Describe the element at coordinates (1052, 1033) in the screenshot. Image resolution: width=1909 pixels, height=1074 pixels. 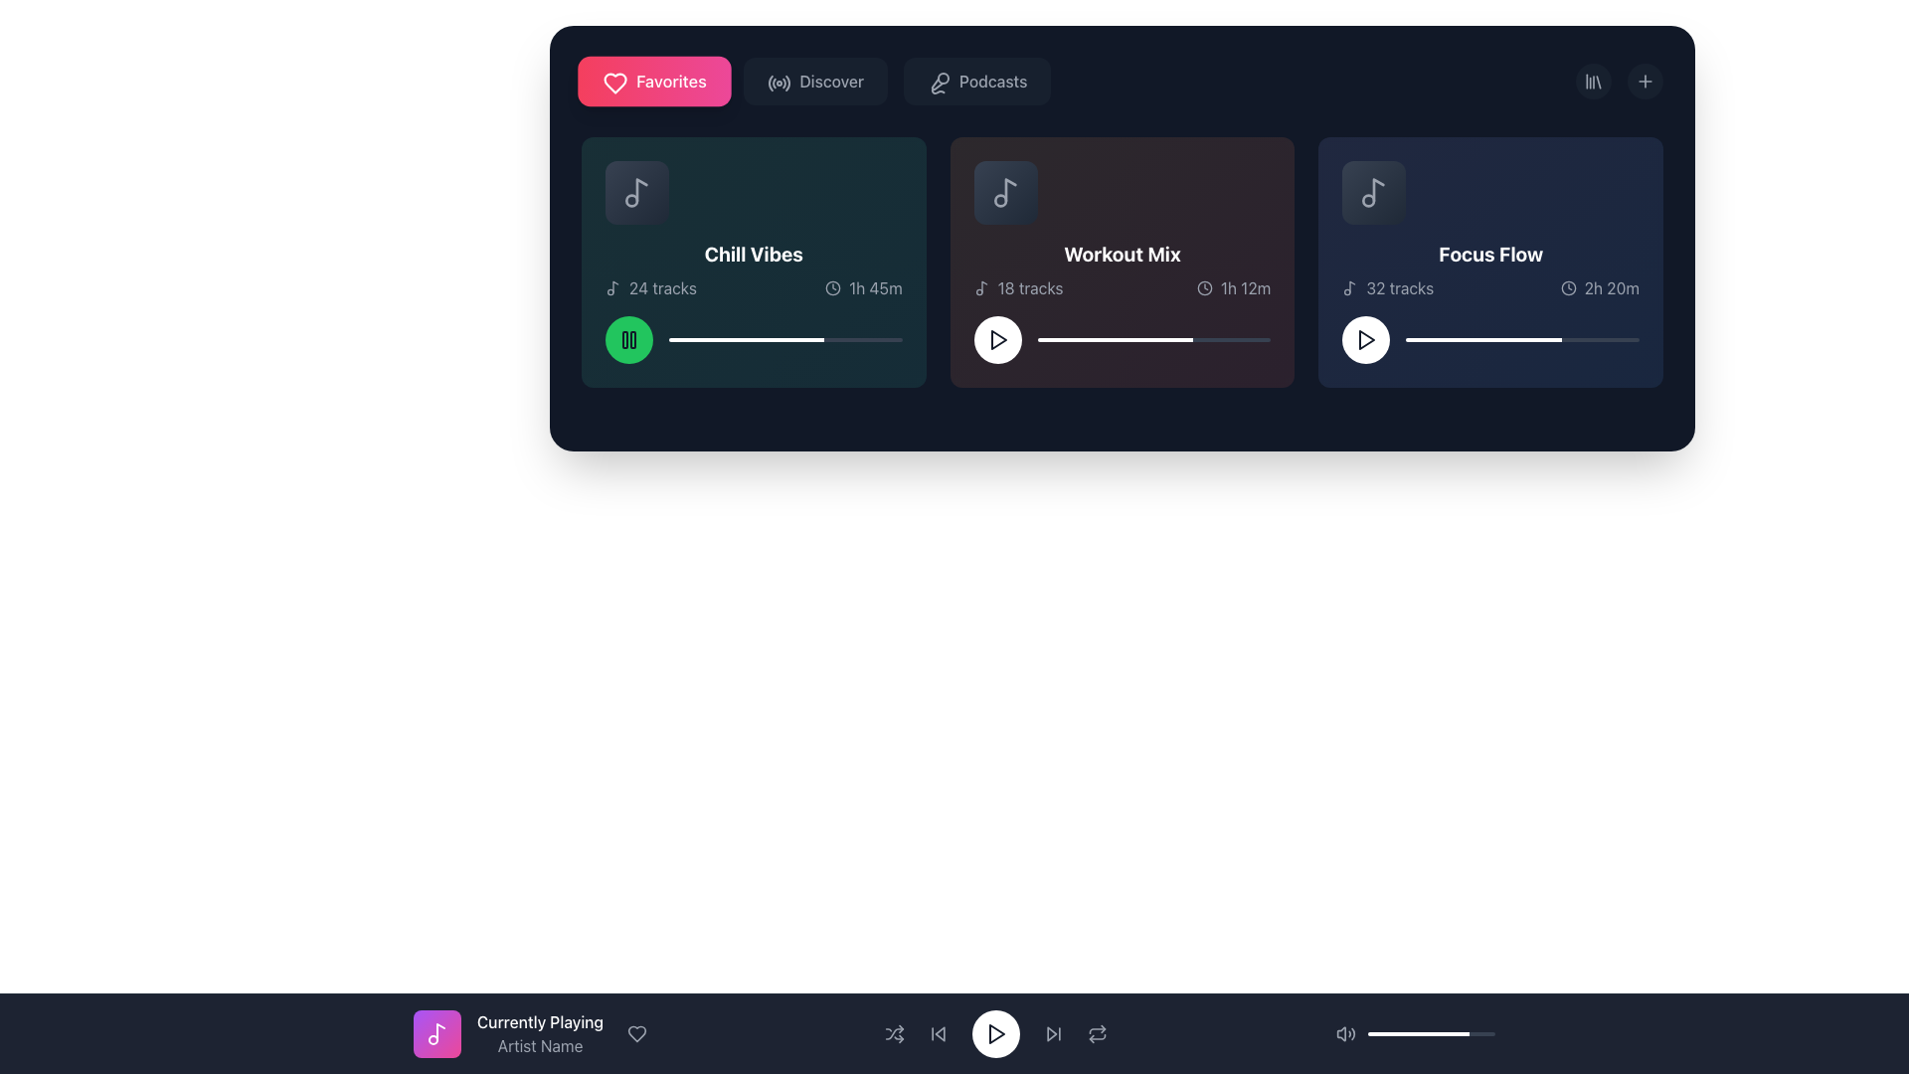
I see `the small arrow-shaped icon pointing forward, which is the fifth interactive icon from the left in the bottom-most horizontal control bar, to skip forward` at that location.